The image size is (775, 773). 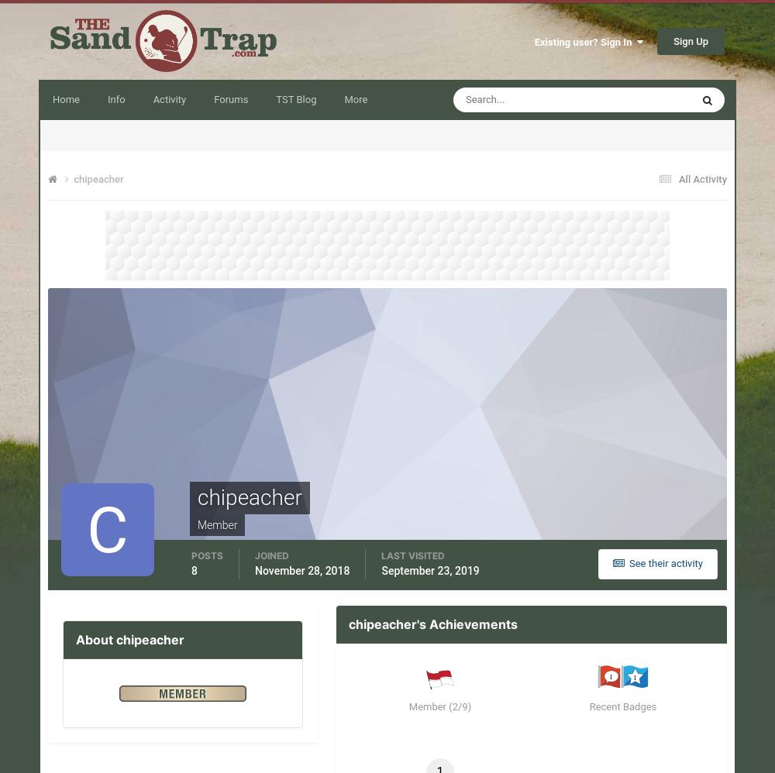 I want to click on 'Signing up is free', so click(x=168, y=738).